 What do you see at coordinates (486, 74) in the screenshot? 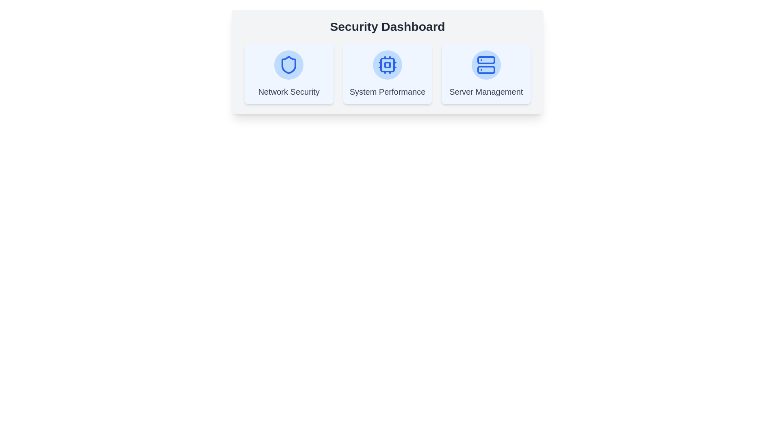
I see `the server management icon, which is represented by a blue server icon with a light blue circular background and the text 'Server Management' in gray beneath it, located in the third card of horizontally-aligned options` at bounding box center [486, 74].